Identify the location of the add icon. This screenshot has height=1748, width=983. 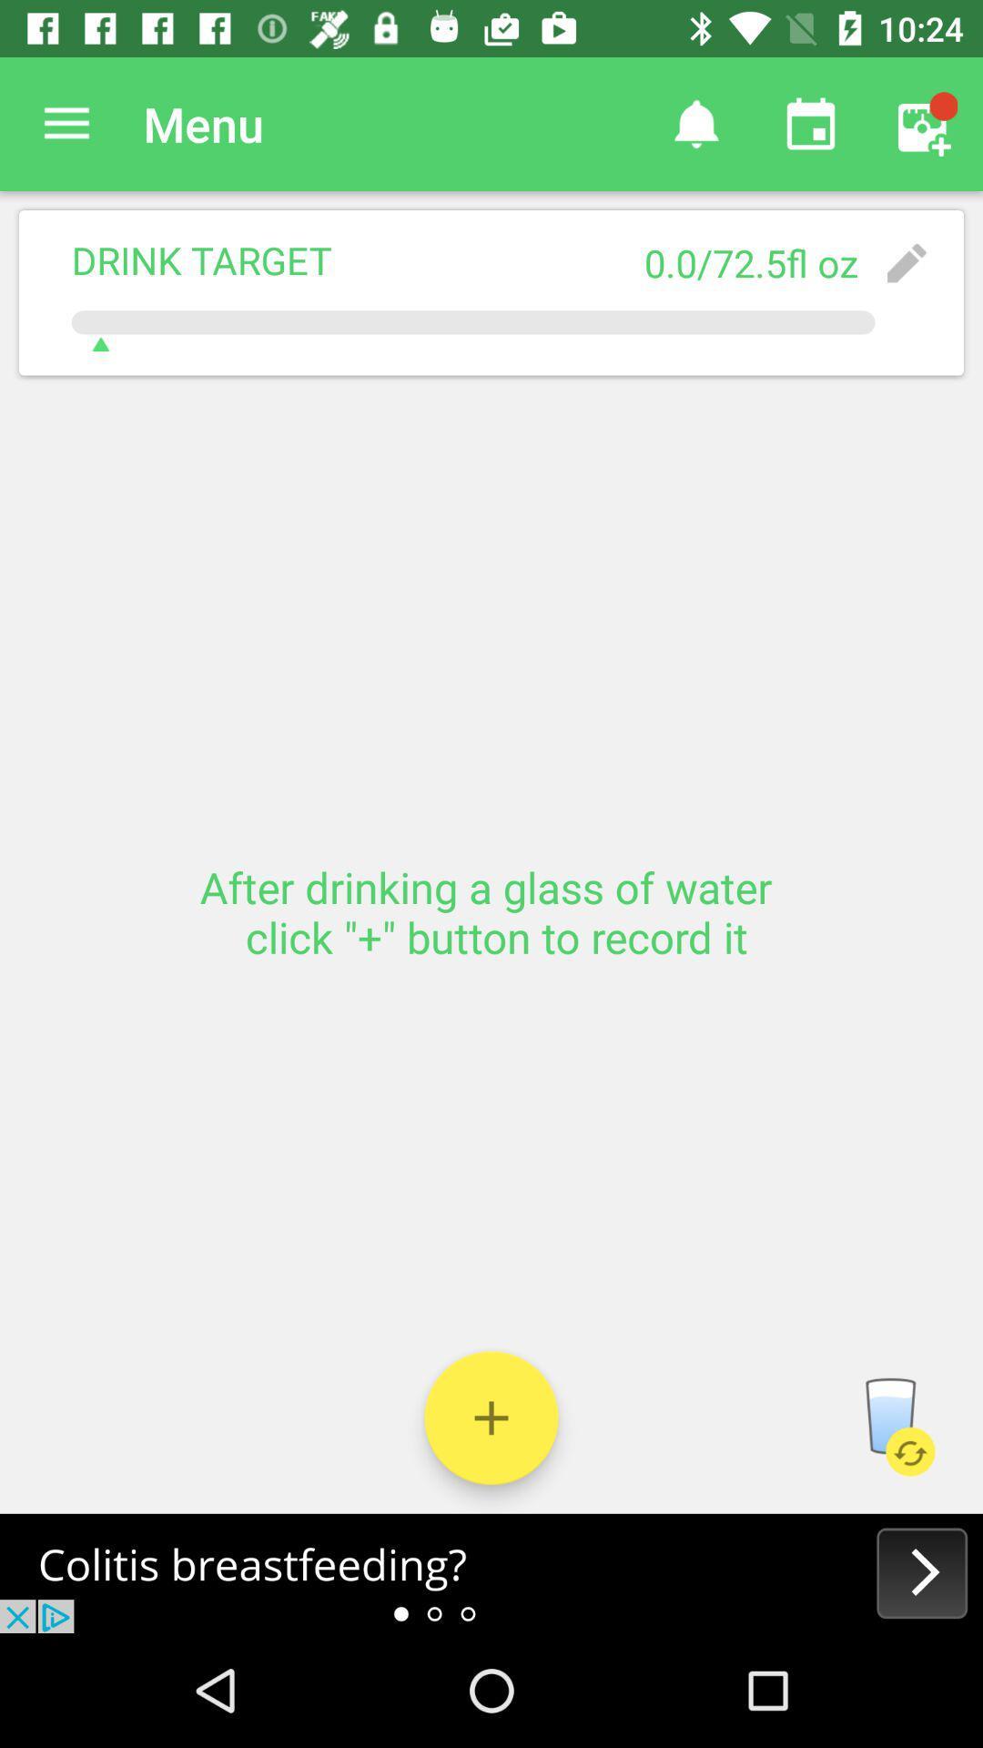
(491, 1417).